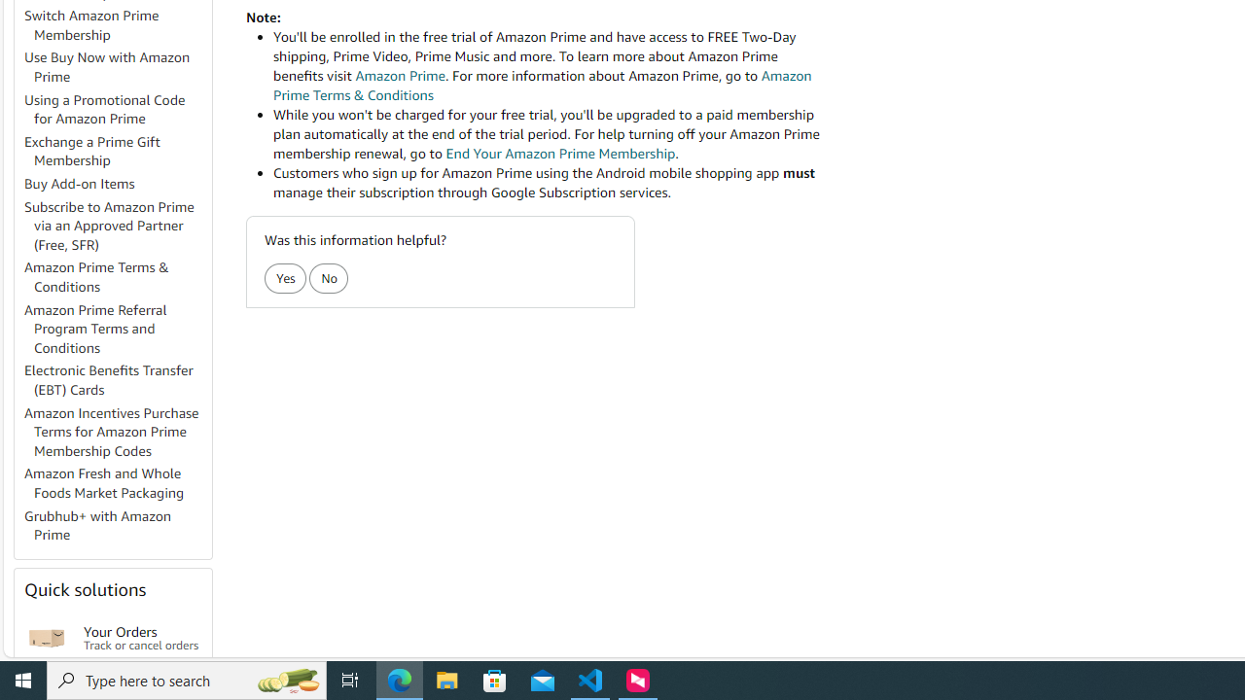 This screenshot has width=1245, height=700. I want to click on 'Use Buy Now with Amazon Prime', so click(116, 66).